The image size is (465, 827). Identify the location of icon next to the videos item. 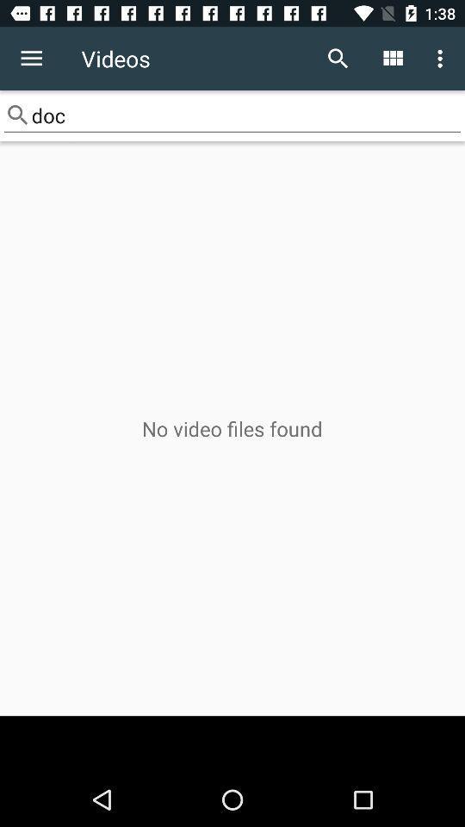
(31, 59).